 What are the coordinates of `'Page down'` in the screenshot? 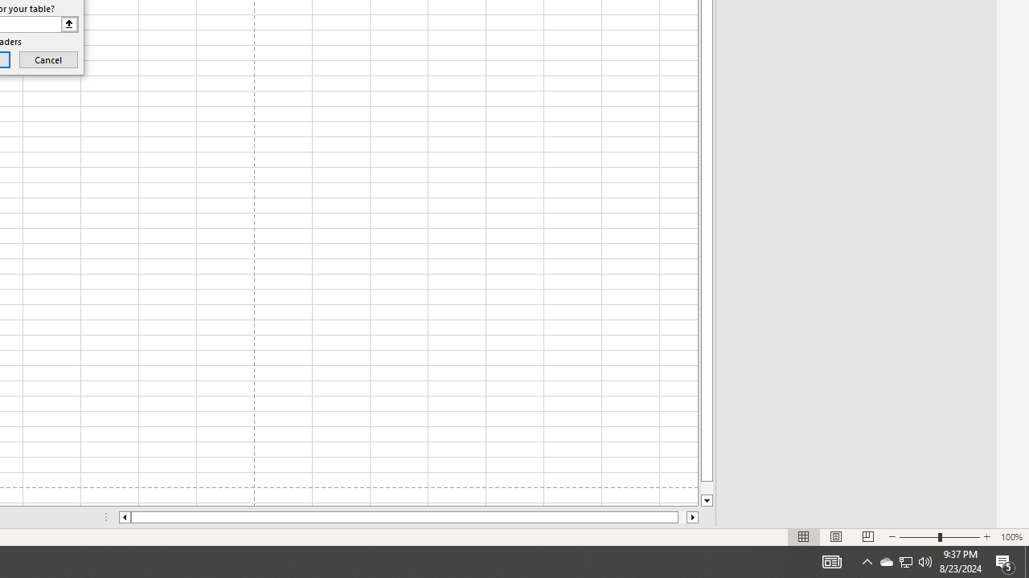 It's located at (707, 487).